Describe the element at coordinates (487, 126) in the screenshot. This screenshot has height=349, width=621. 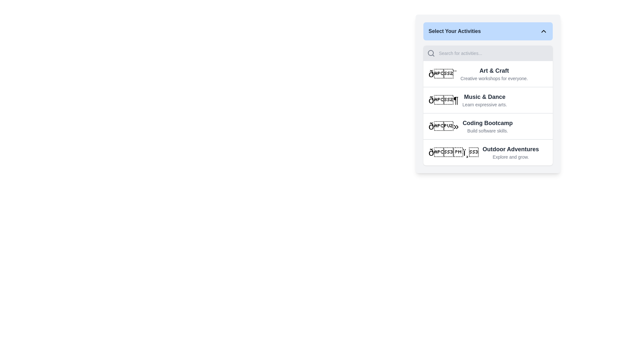
I see `the 'Coding Bootcamp' text in the third item of the vertical list` at that location.